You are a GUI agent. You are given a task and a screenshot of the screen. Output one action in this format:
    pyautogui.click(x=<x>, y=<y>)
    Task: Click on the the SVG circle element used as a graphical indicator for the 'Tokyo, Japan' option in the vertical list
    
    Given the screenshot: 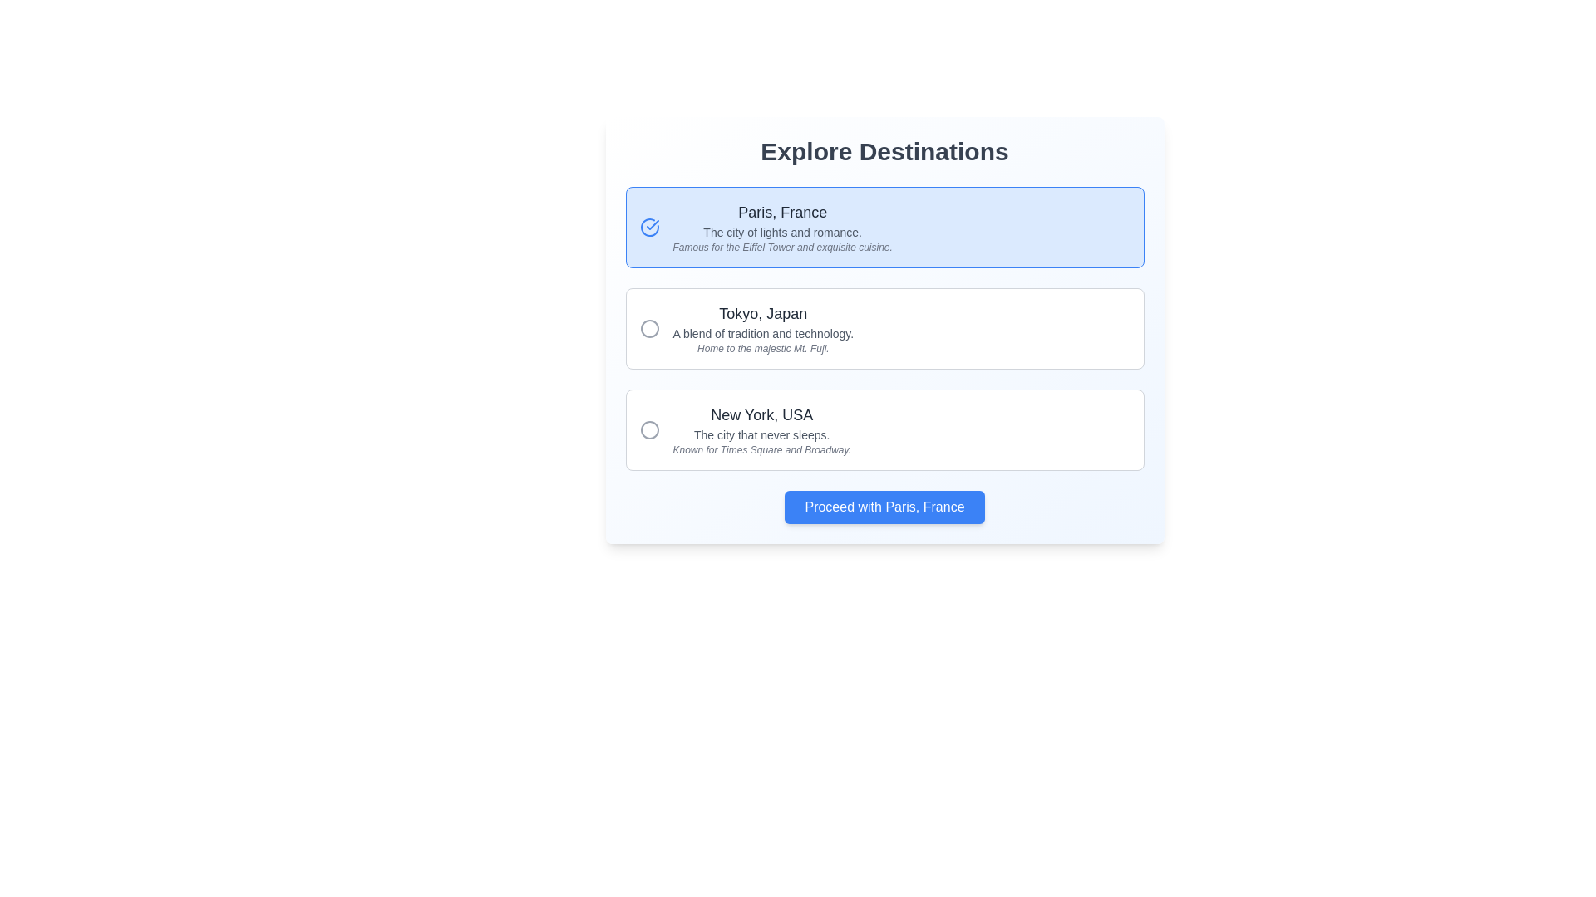 What is the action you would take?
    pyautogui.click(x=648, y=329)
    